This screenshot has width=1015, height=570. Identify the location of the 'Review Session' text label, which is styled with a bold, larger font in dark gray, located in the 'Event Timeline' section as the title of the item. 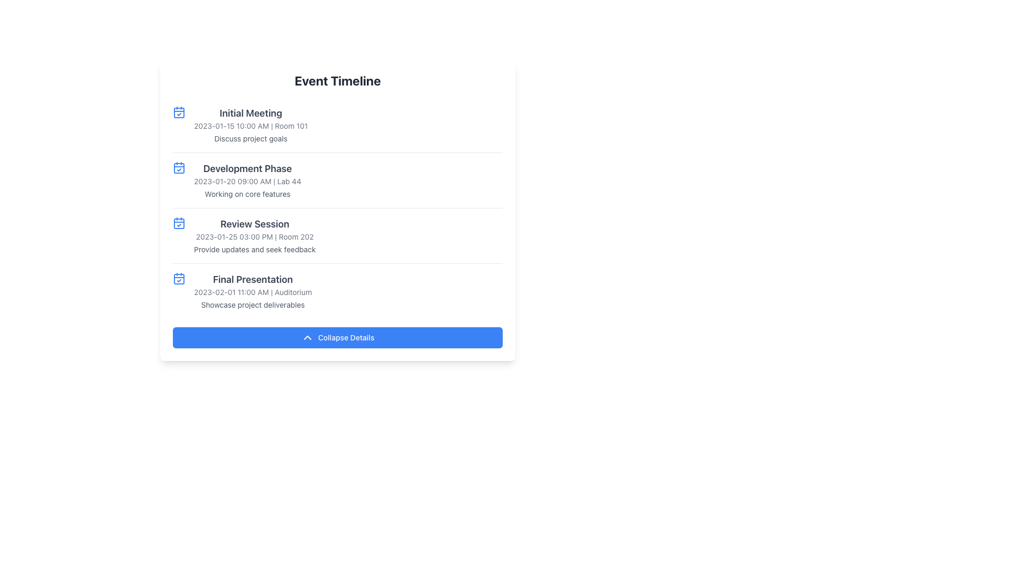
(255, 223).